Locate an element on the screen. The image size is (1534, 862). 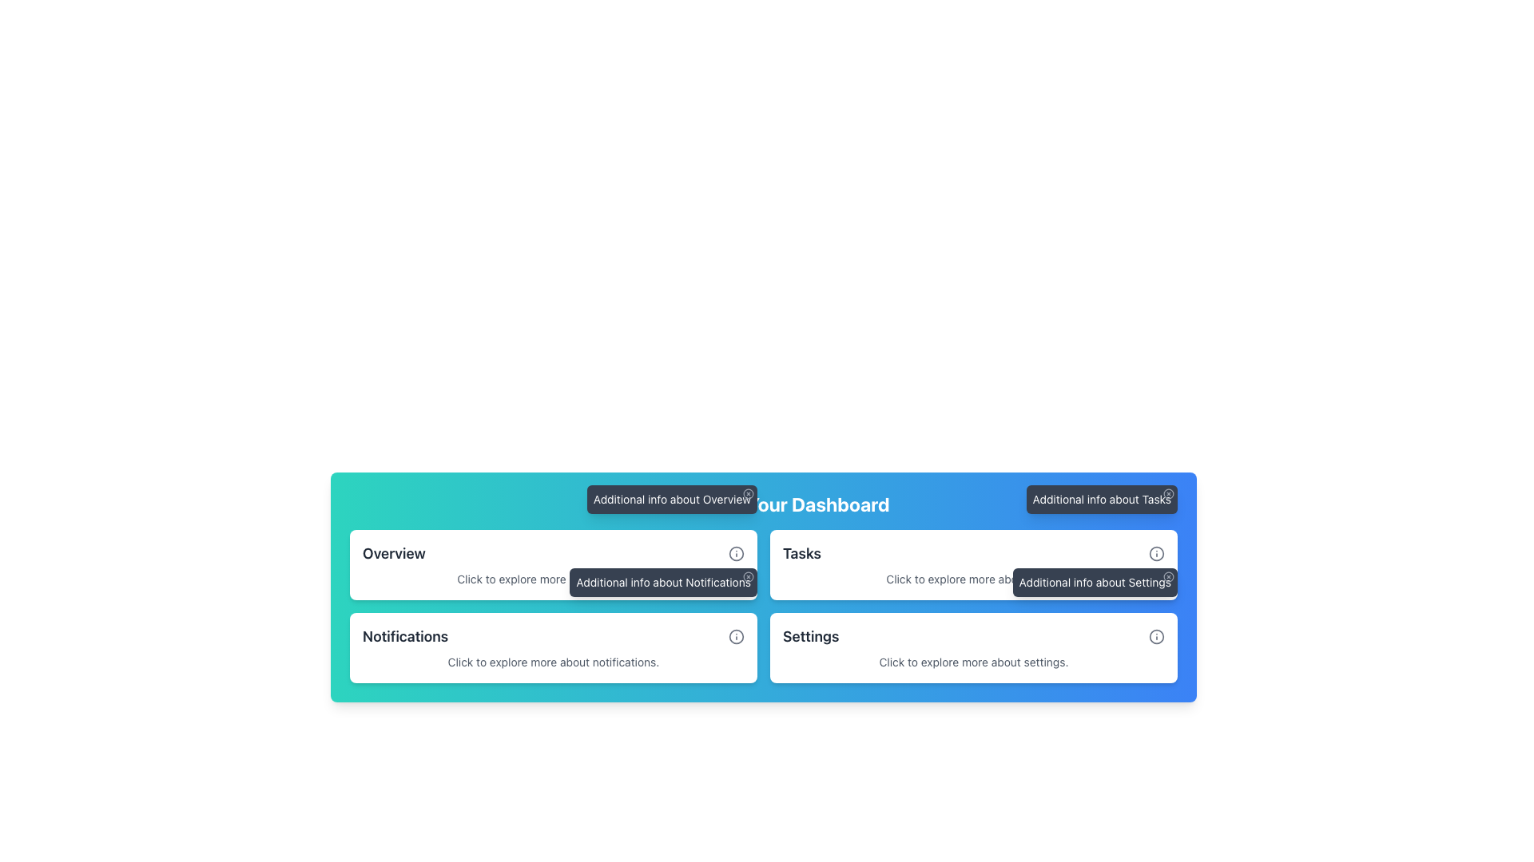
the 'Settings' title on the Informational Card located at the bottom-right corner of the grid layout, which is the fourth card in the sequence is located at coordinates (973, 648).